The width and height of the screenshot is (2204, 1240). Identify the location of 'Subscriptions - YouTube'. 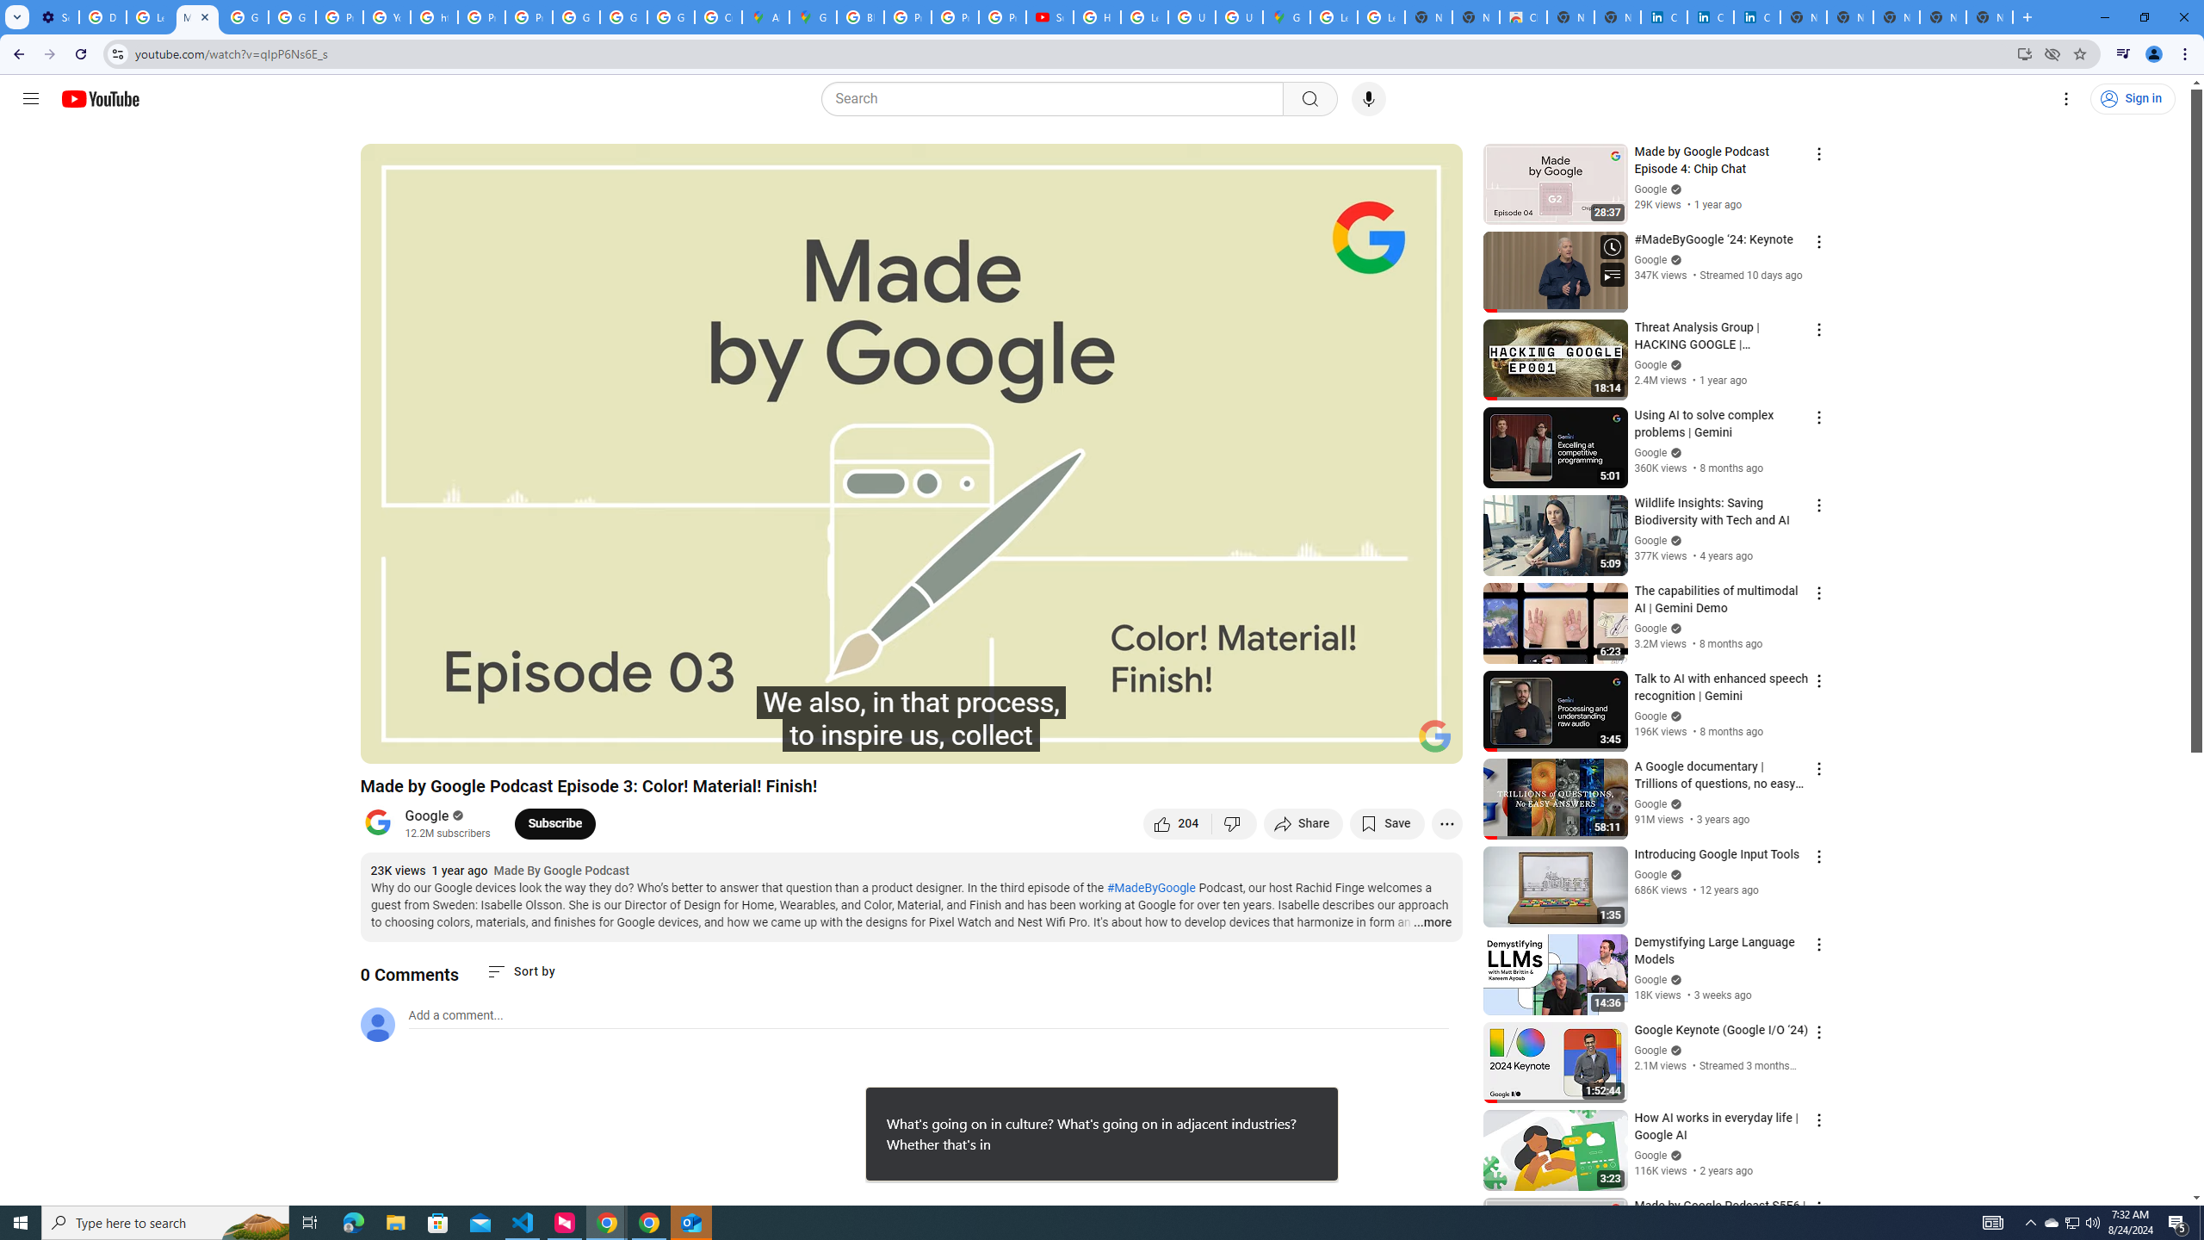
(1049, 16).